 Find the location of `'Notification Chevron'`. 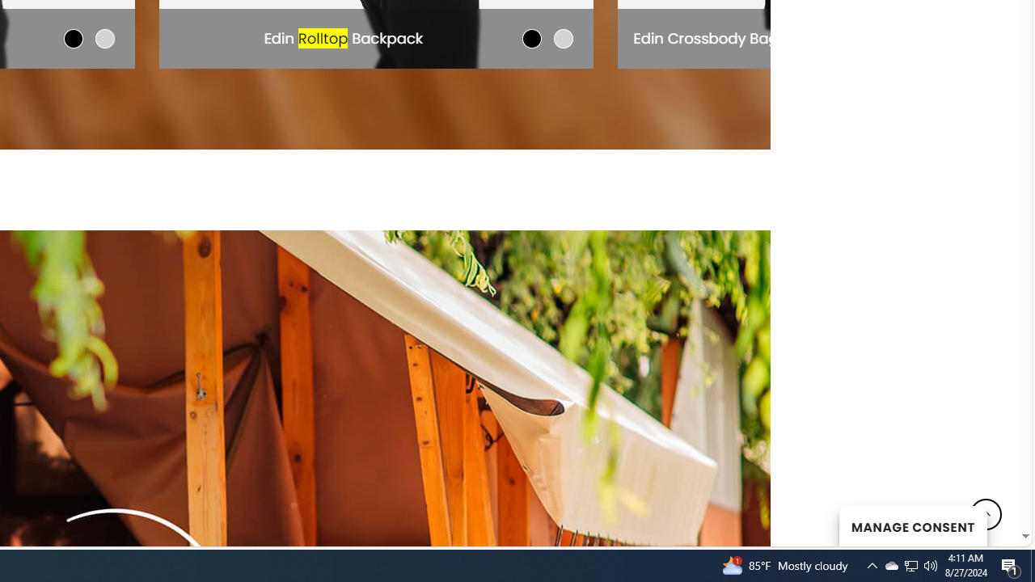

'Notification Chevron' is located at coordinates (872, 564).